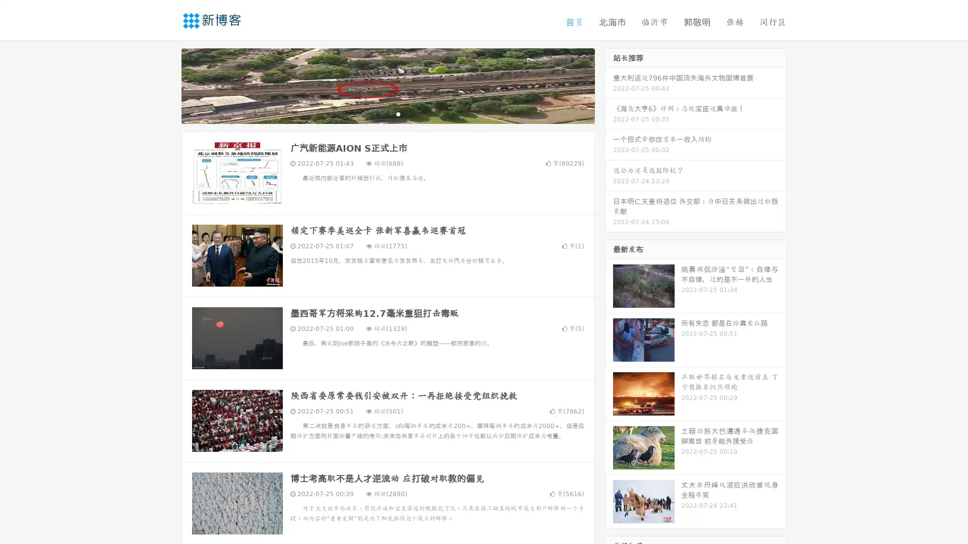  Describe the element at coordinates (377, 113) in the screenshot. I see `Go to slide 1` at that location.